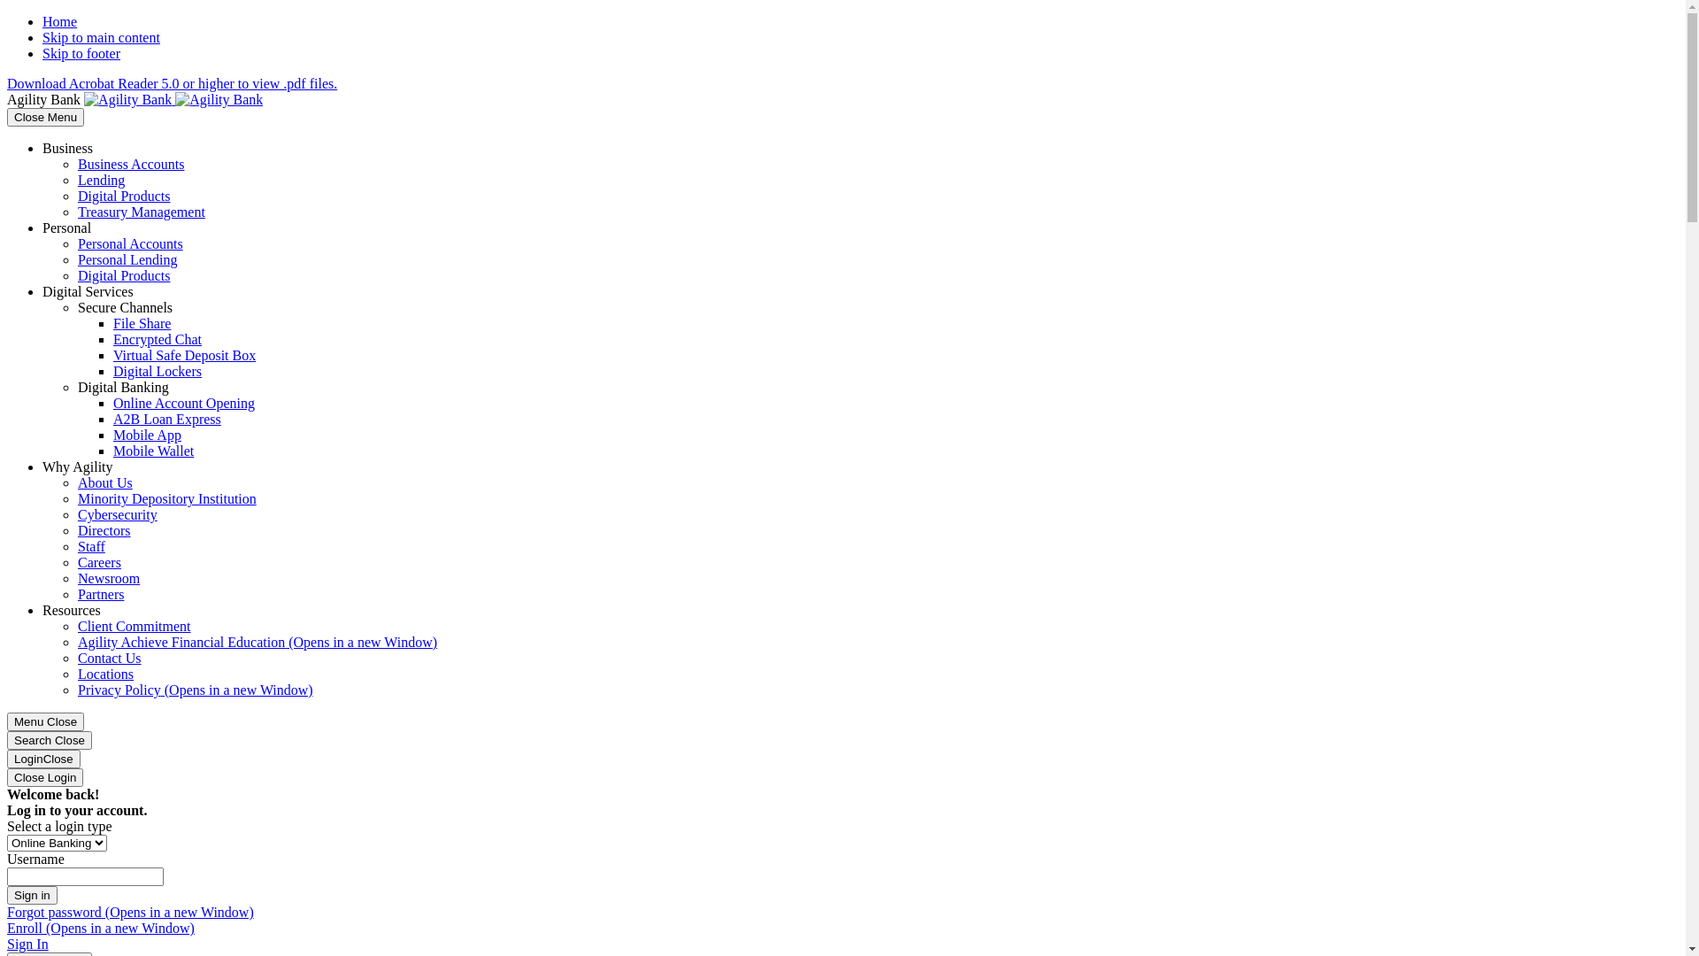 The height and width of the screenshot is (956, 1699). Describe the element at coordinates (100, 594) in the screenshot. I see `'Partners'` at that location.